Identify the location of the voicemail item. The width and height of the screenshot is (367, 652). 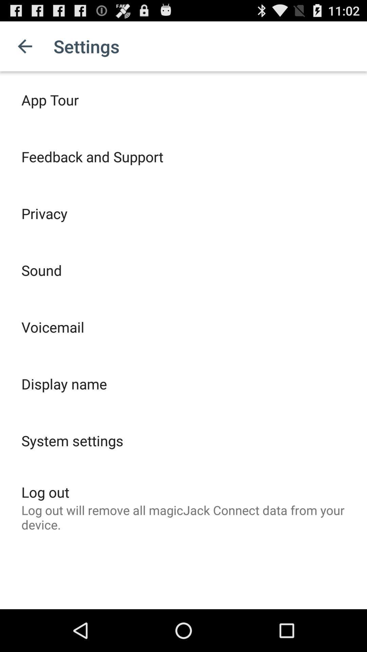
(52, 327).